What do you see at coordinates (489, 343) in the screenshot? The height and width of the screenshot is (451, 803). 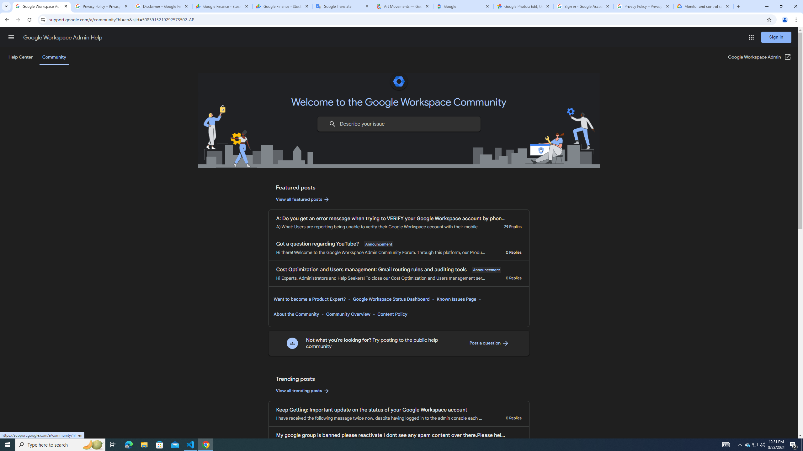 I see `'Post a question '` at bounding box center [489, 343].